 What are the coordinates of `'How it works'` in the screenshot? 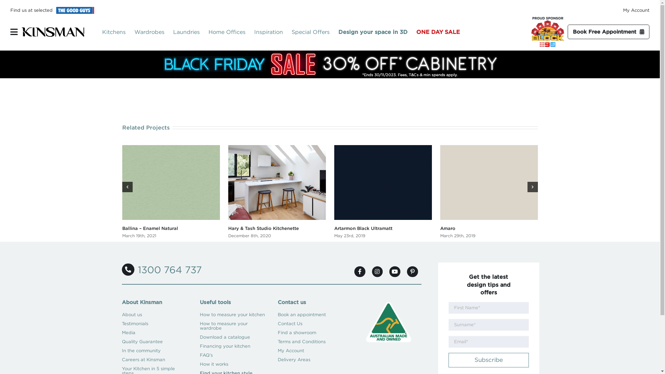 It's located at (232, 364).